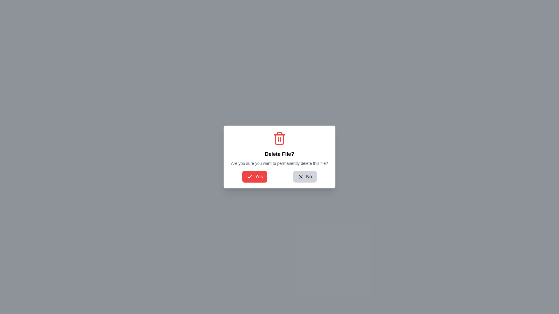 The width and height of the screenshot is (559, 314). I want to click on the cancel icon associated with the 'No' button in the confirmation dialog, so click(301, 176).